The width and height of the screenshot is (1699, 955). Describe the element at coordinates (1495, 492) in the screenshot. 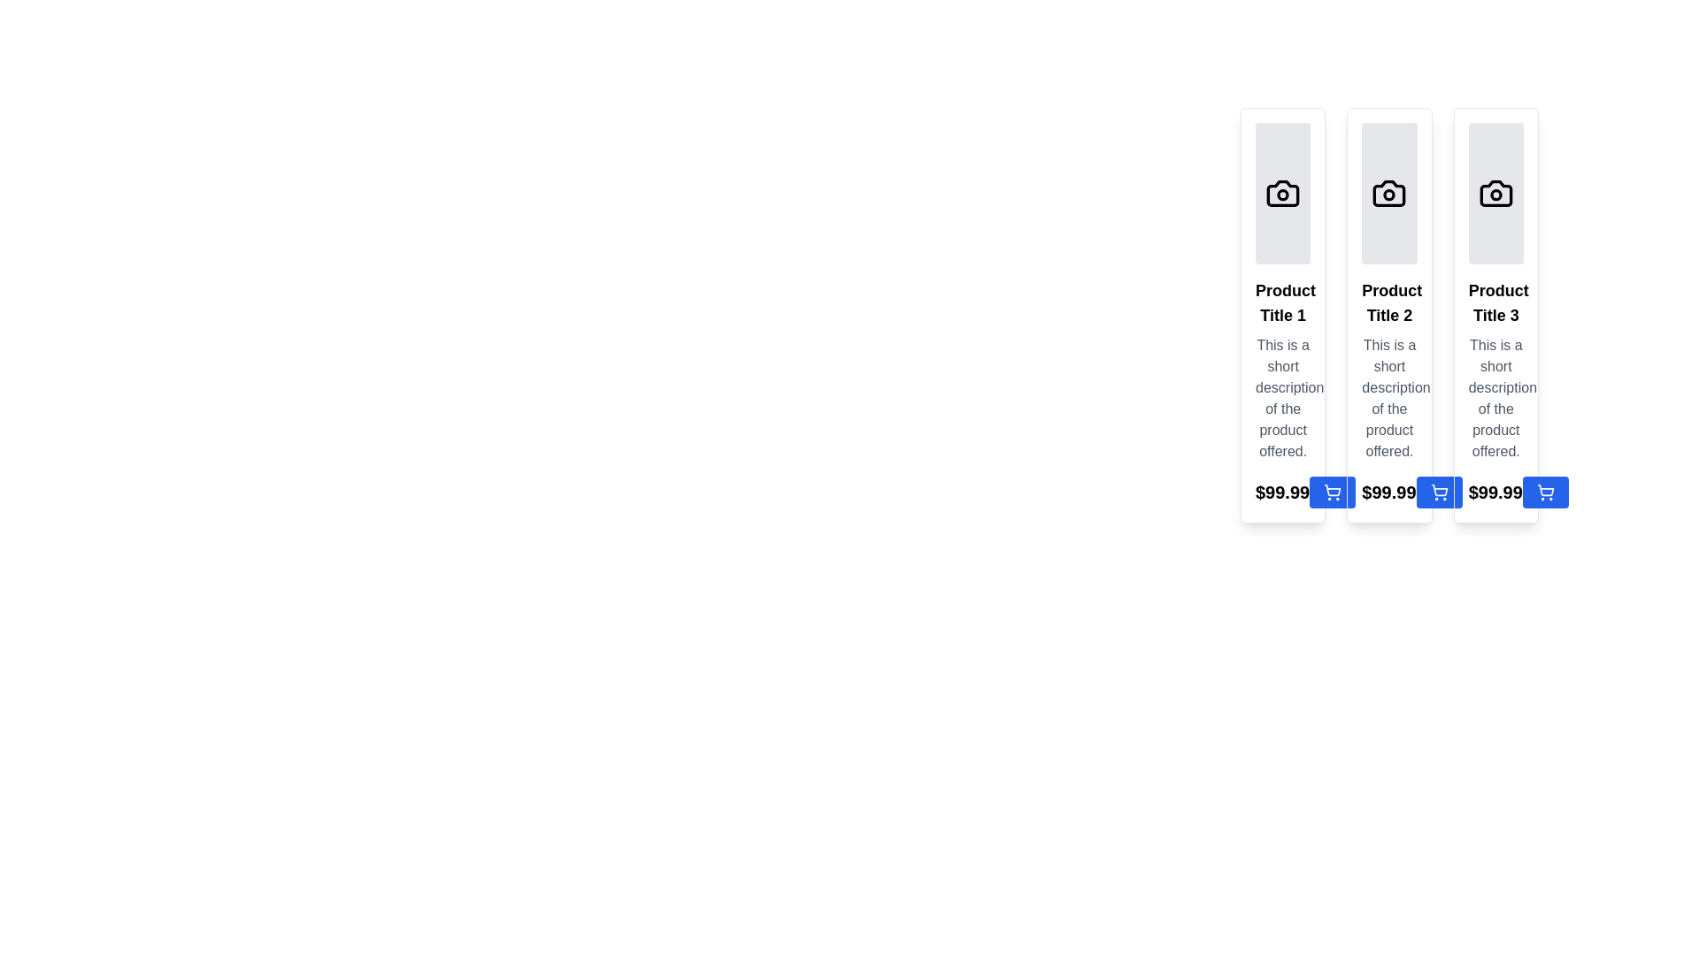

I see `price displayed in the bold text label showing '$99.99' located at the bottom-left corner of the third product card from the left` at that location.